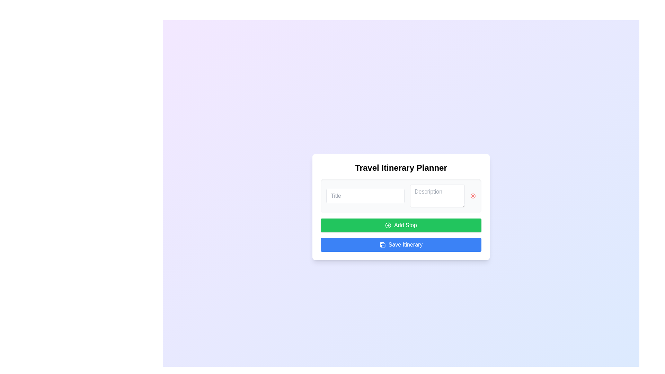 Image resolution: width=665 pixels, height=374 pixels. Describe the element at coordinates (388, 225) in the screenshot. I see `the icon that represents the addition of a new stop feature, located inside the 'Add Stop' button below the 'Title' and 'Description' input fields` at that location.